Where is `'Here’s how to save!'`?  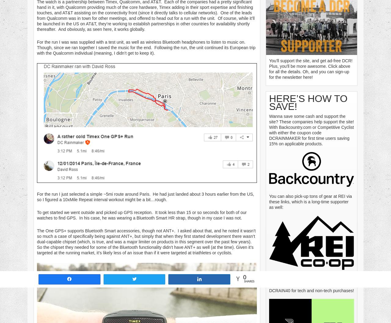
'Here’s how to save!' is located at coordinates (308, 102).